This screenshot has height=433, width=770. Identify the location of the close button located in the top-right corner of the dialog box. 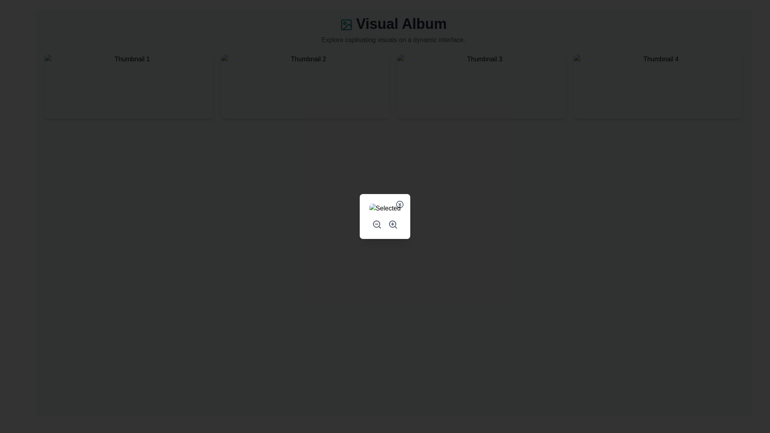
(400, 204).